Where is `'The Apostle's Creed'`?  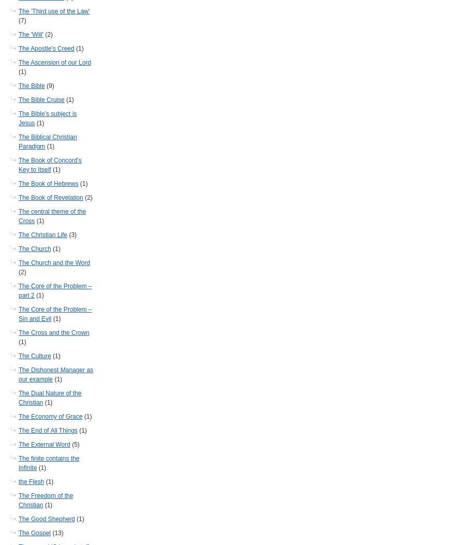
'The Apostle's Creed' is located at coordinates (46, 48).